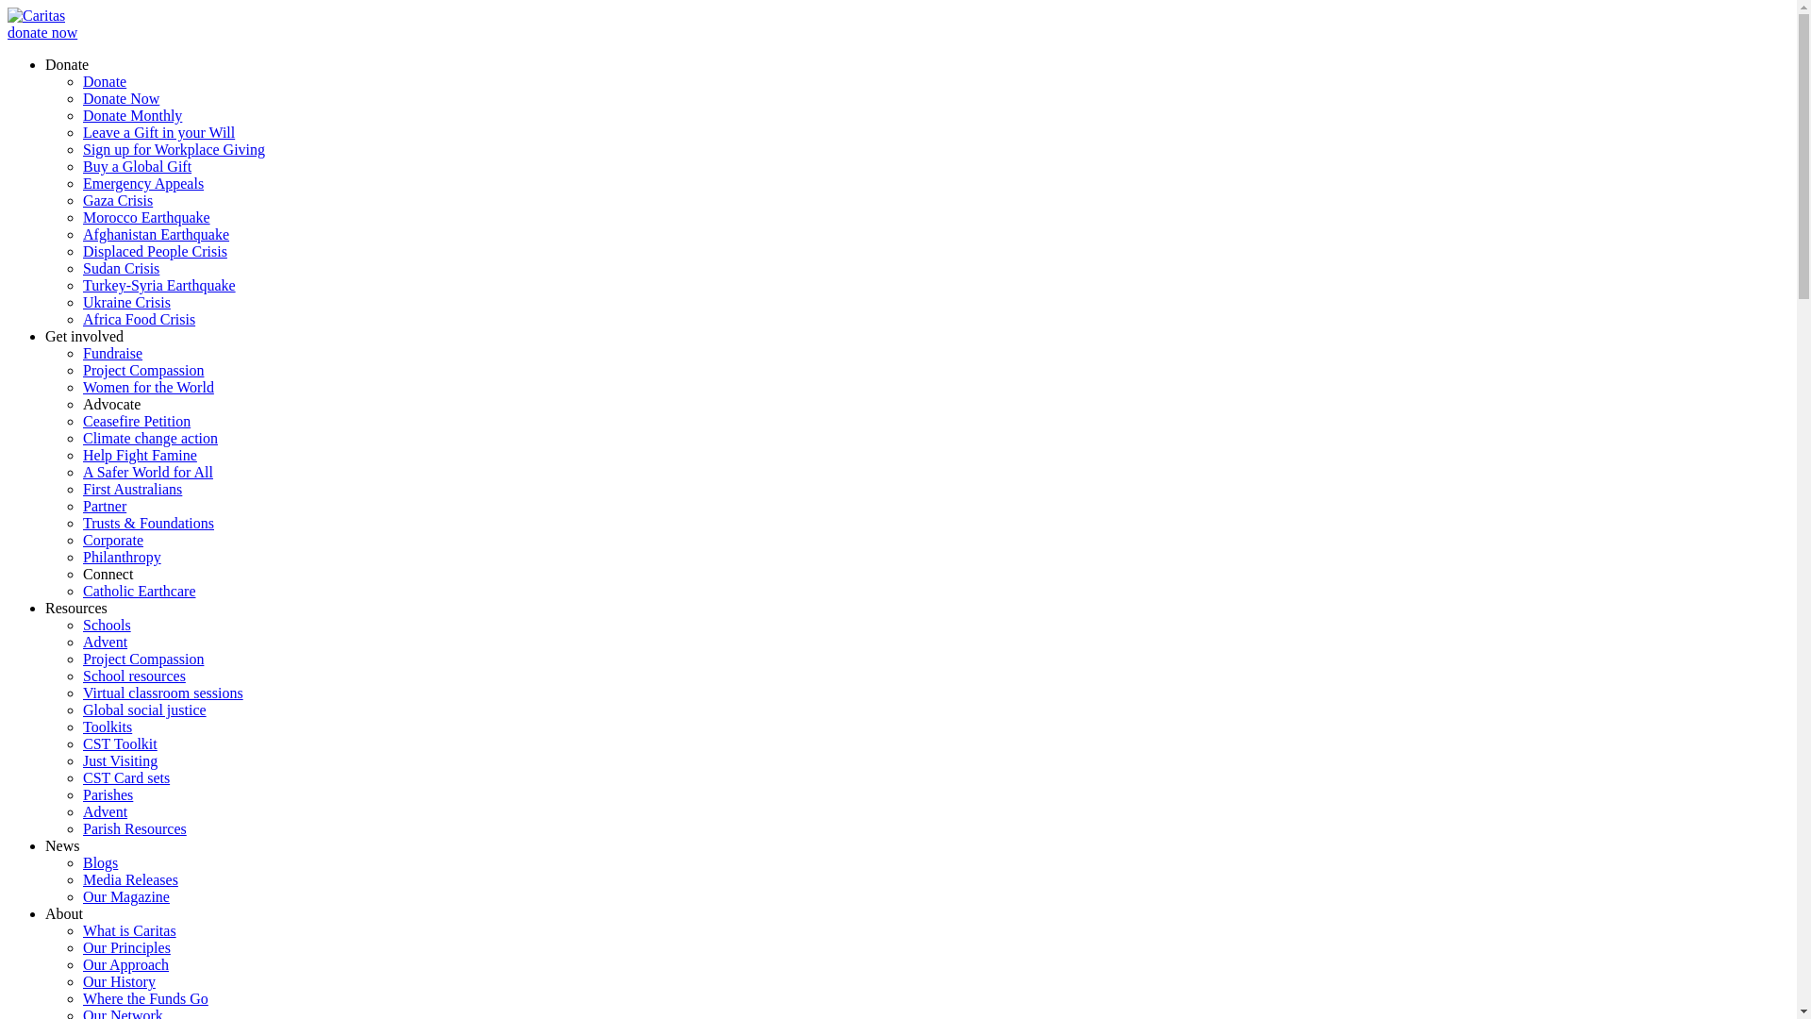 Image resolution: width=1811 pixels, height=1019 pixels. I want to click on 'Afghanistan Earthquake', so click(156, 233).